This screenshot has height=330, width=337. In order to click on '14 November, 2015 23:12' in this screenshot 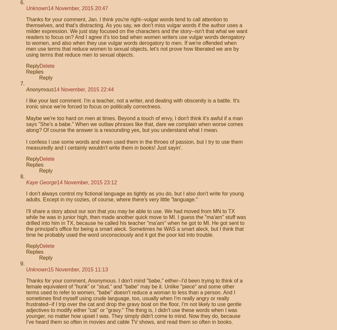, I will do `click(87, 182)`.